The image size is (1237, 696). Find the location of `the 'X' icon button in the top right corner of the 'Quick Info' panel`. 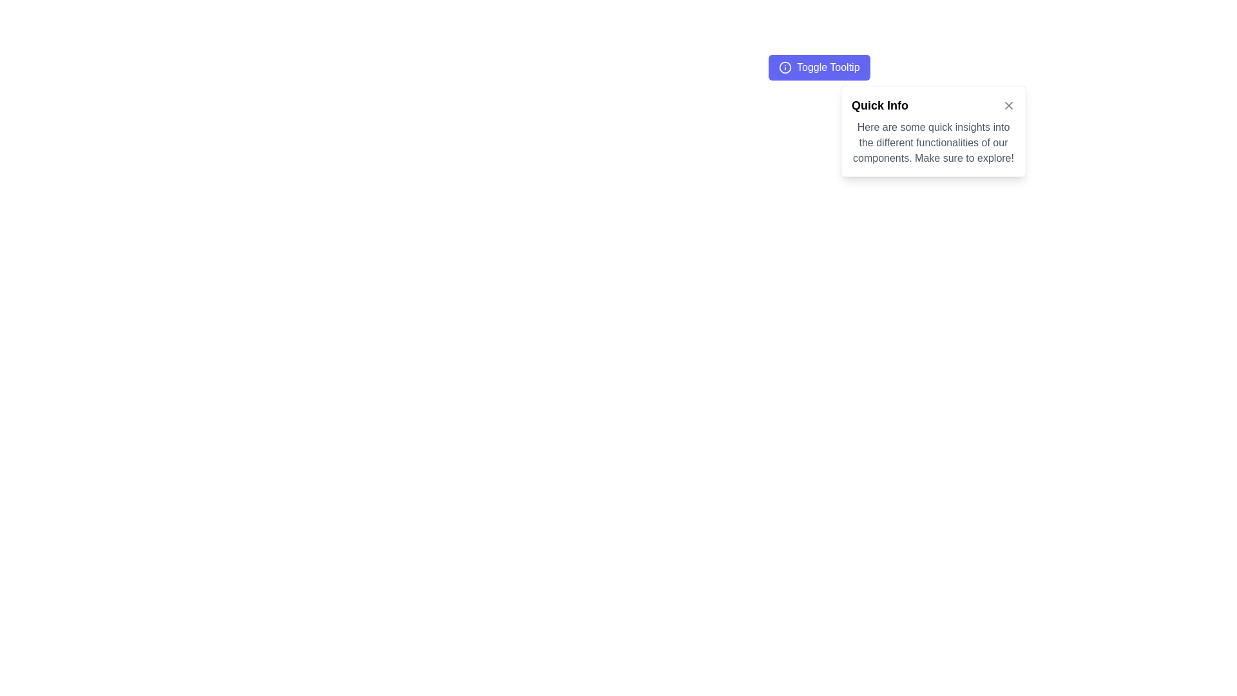

the 'X' icon button in the top right corner of the 'Quick Info' panel is located at coordinates (1008, 105).